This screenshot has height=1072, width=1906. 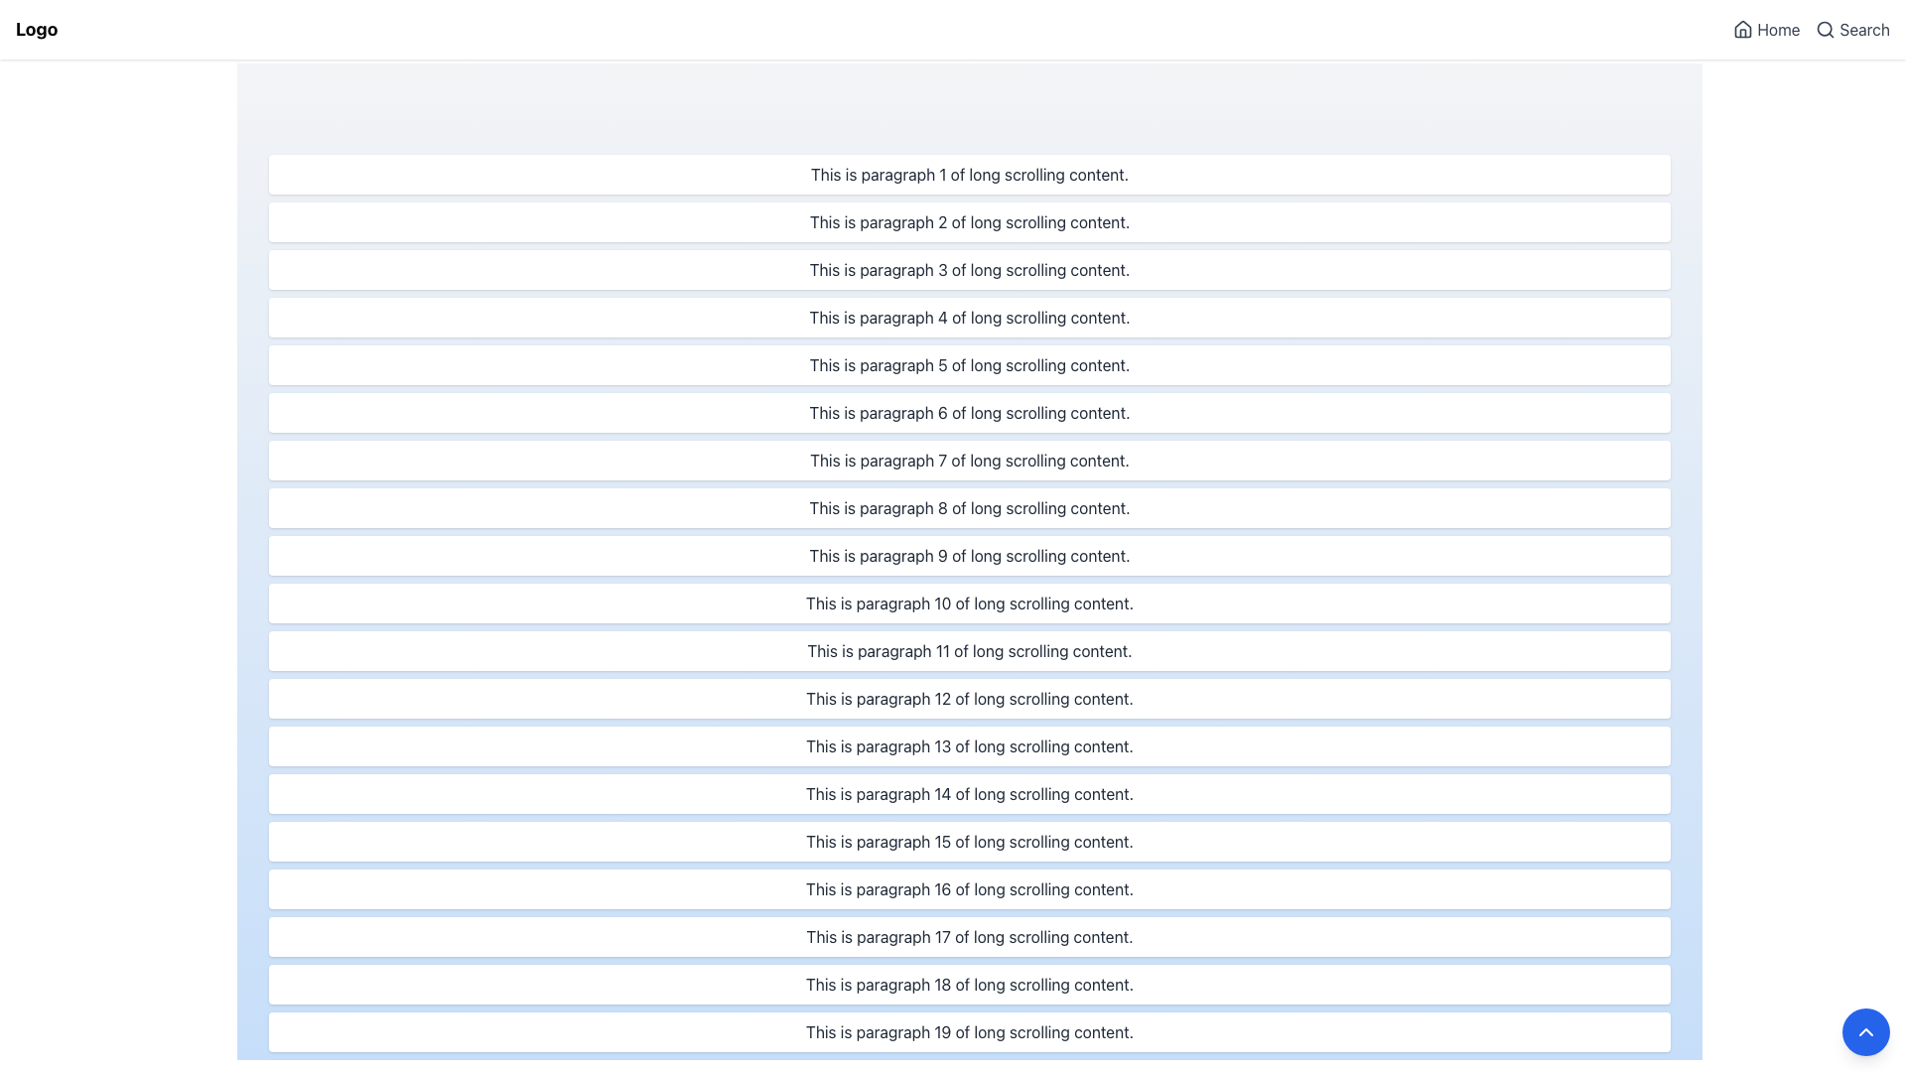 What do you see at coordinates (970, 364) in the screenshot?
I see `the static text block that displays 'This is paragraph 5 of long scrolling content.' which is the fifth visible item in a vertically stacked list` at bounding box center [970, 364].